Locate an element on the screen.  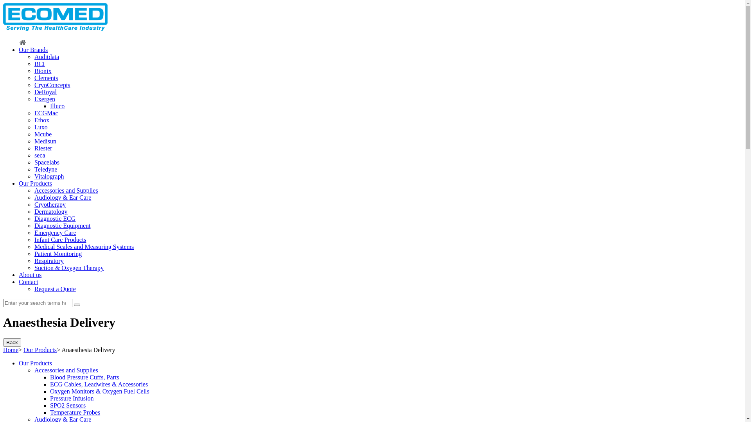
'Auditdata' is located at coordinates (46, 56).